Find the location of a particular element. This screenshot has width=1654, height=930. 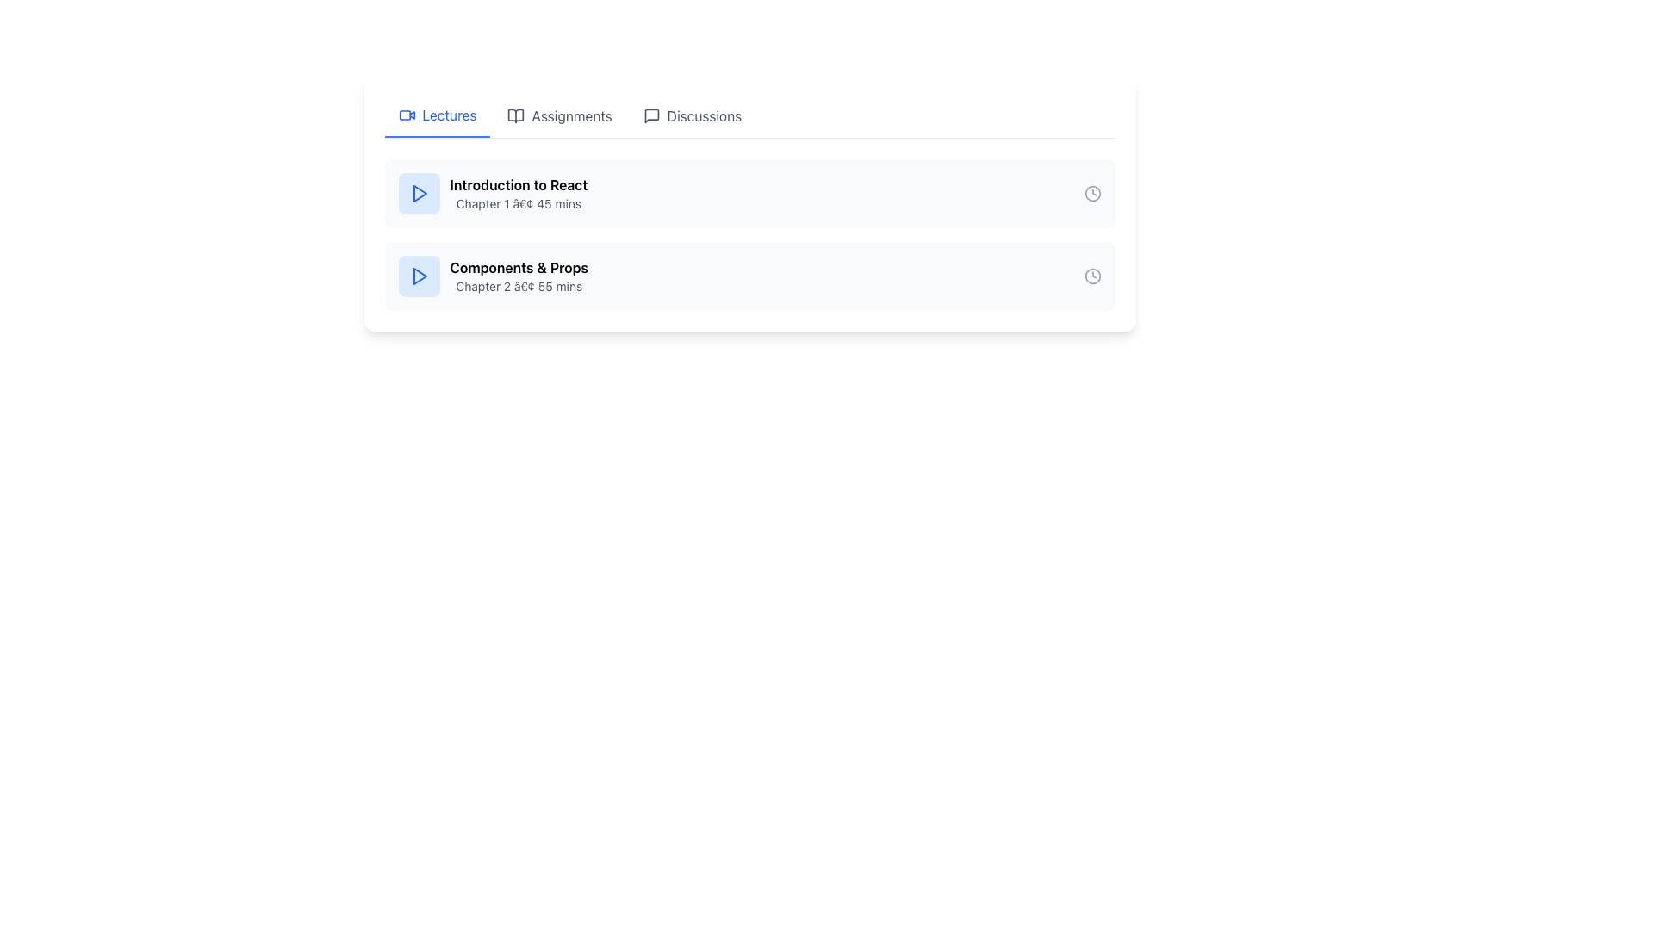

the 'Lectures' tab, which is the first tab in the navigation bar is located at coordinates (438, 116).